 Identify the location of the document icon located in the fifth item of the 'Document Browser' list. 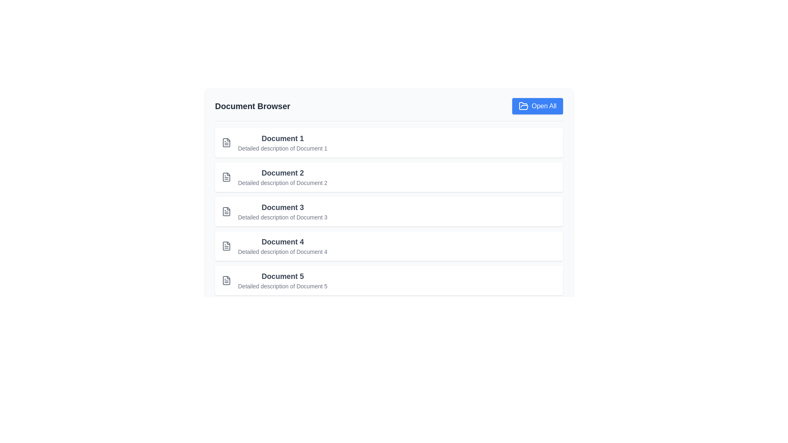
(227, 280).